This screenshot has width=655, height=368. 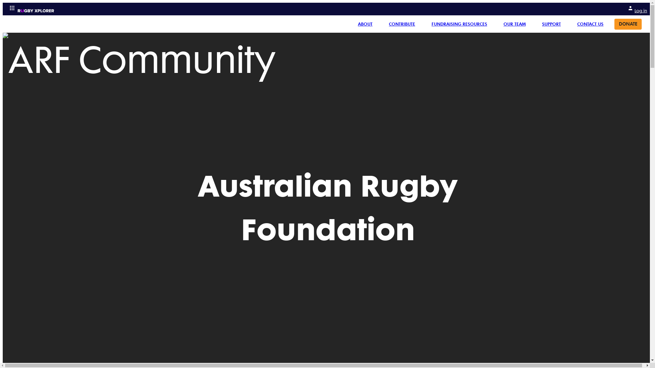 What do you see at coordinates (536, 24) in the screenshot?
I see `'SUPPORT'` at bounding box center [536, 24].